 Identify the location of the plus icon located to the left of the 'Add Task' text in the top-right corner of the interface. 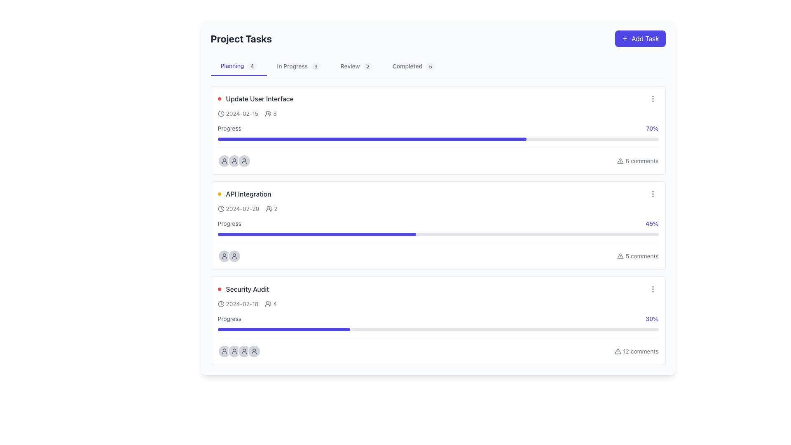
(625, 38).